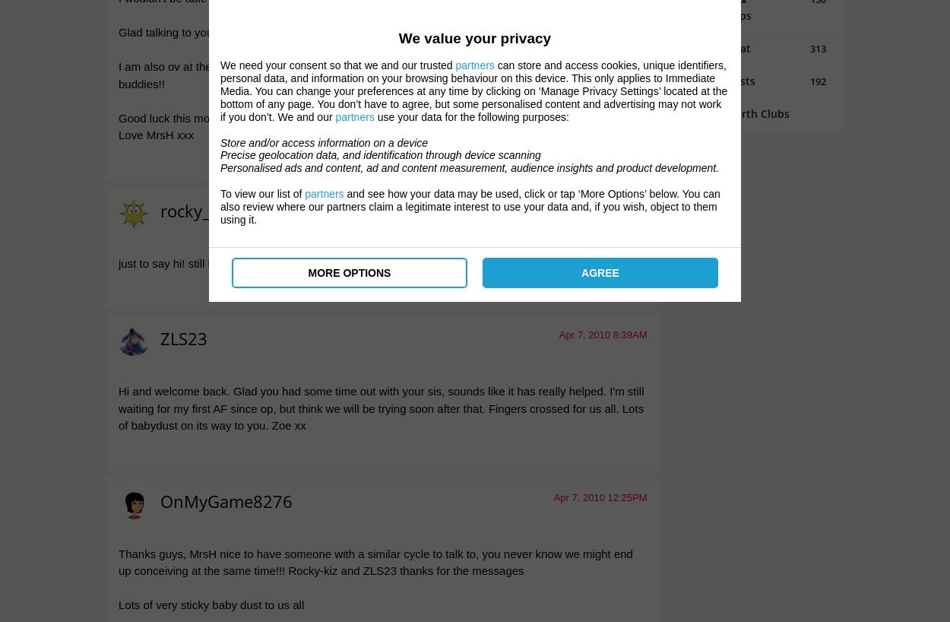 The image size is (950, 622). I want to click on 'just to say hi! still here unfortunately! lol, glad ur feeling better! xx', so click(119, 262).